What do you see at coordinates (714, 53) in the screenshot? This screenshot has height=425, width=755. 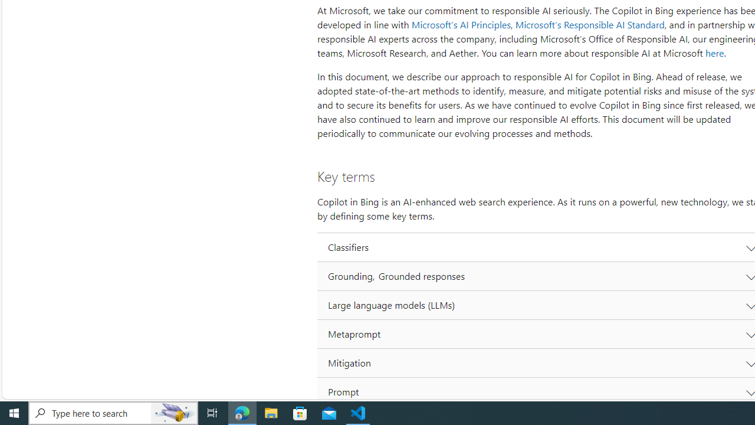 I see `'here'` at bounding box center [714, 53].